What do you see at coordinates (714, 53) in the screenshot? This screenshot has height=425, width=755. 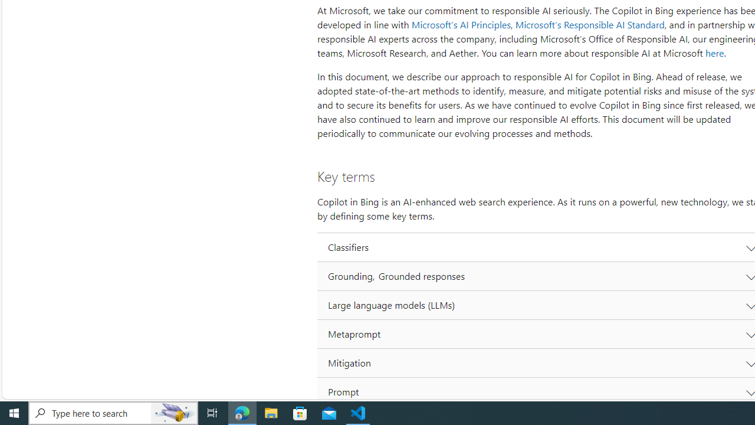 I see `'here'` at bounding box center [714, 53].